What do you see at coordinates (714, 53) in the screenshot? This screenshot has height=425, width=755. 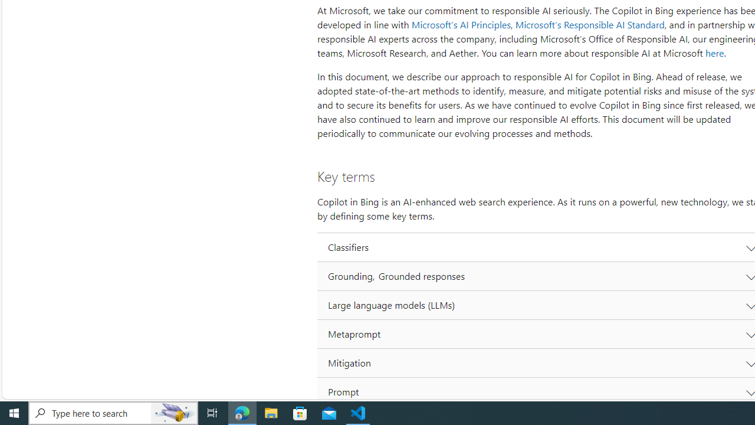 I see `'here'` at bounding box center [714, 53].